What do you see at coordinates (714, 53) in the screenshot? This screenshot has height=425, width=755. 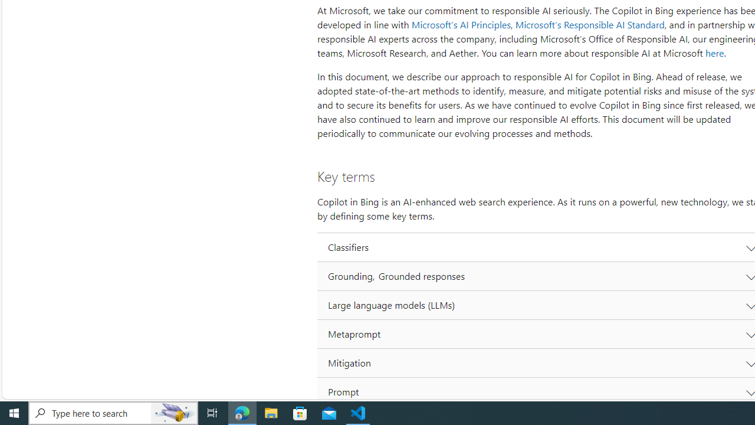 I see `'here'` at bounding box center [714, 53].